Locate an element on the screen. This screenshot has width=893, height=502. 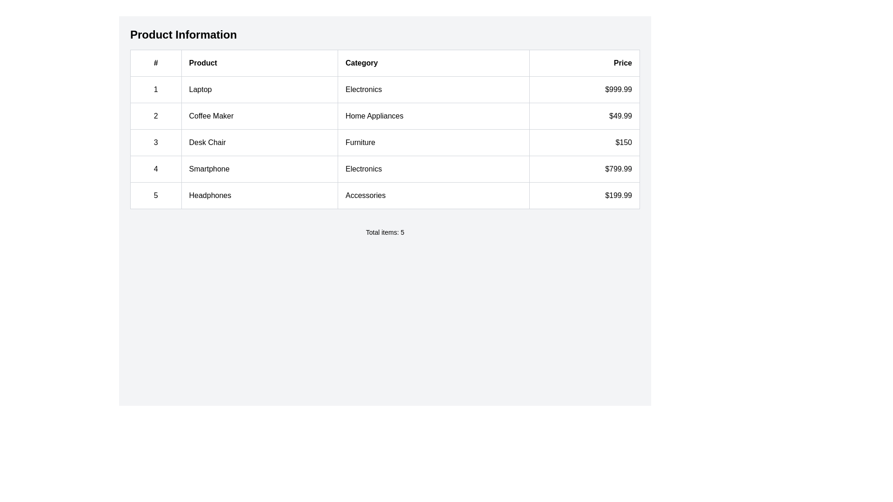
the Table Header Cell containing the symbol '#' is located at coordinates (156, 63).